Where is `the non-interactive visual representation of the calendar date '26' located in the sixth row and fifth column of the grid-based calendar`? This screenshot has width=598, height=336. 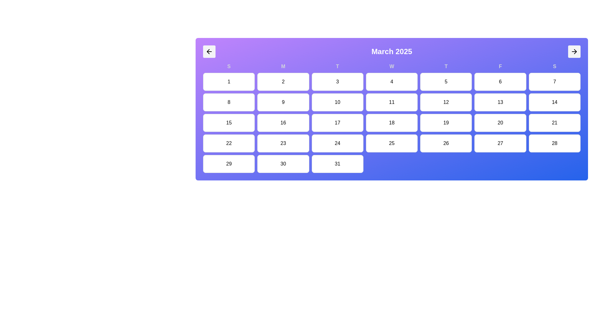
the non-interactive visual representation of the calendar date '26' located in the sixth row and fifth column of the grid-based calendar is located at coordinates (446, 143).